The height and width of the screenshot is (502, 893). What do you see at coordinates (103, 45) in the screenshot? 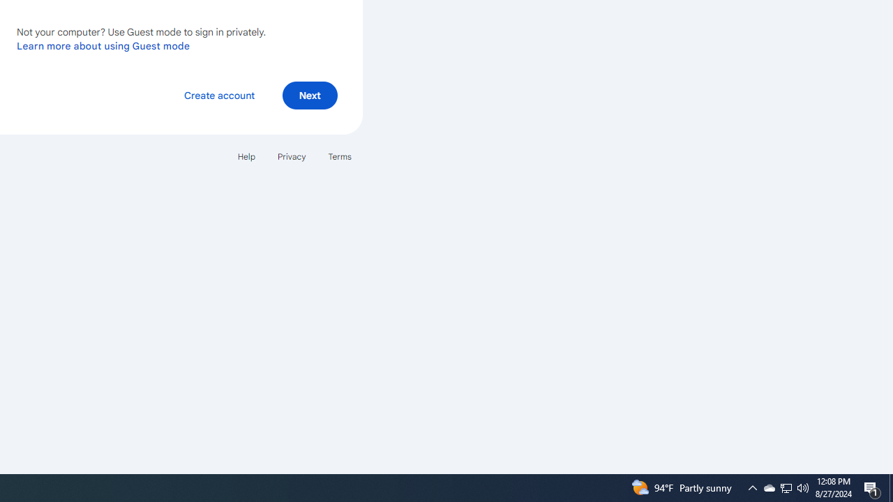
I see `'Learn more about using Guest mode'` at bounding box center [103, 45].